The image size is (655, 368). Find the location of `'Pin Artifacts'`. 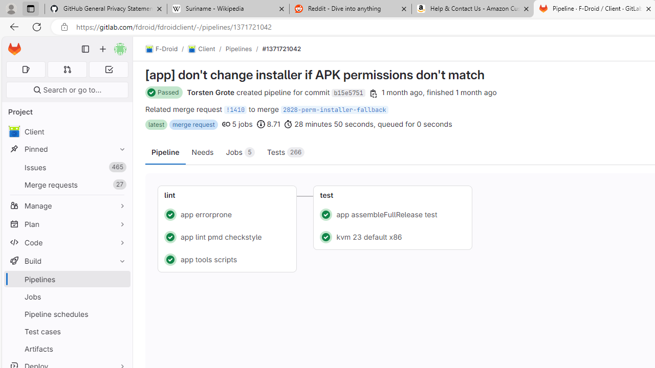

'Pin Artifacts' is located at coordinates (120, 348).